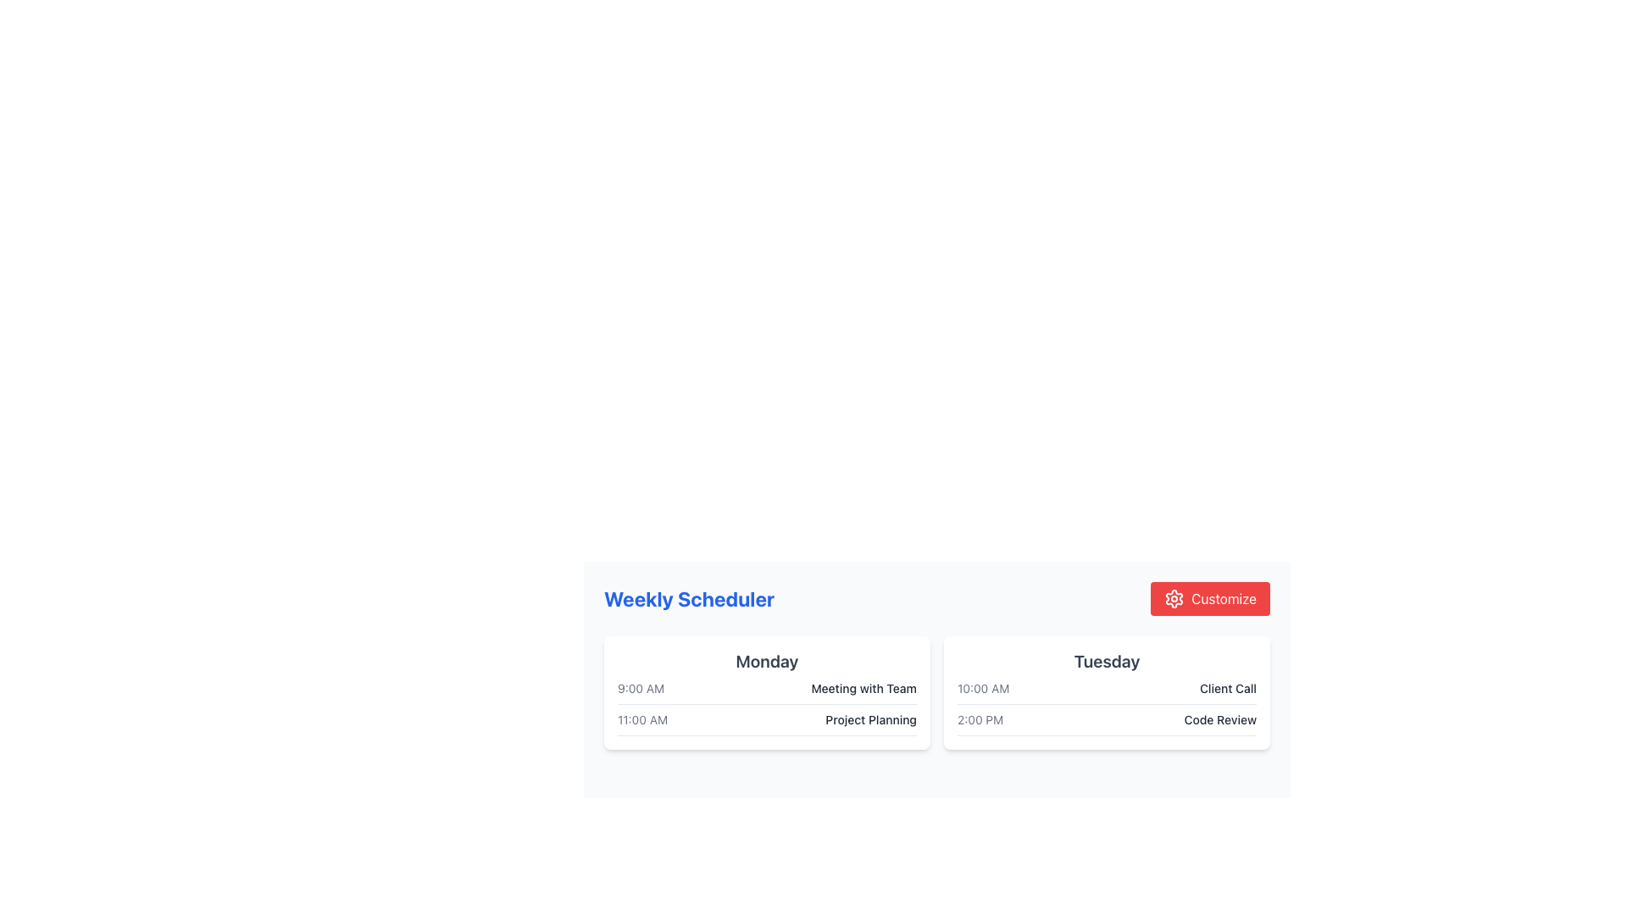 This screenshot has width=1627, height=915. Describe the element at coordinates (936, 692) in the screenshot. I see `the individual days in the grid layout of the Weekly Scheduler, which contains schedule blocks for Monday and Tuesday` at that location.